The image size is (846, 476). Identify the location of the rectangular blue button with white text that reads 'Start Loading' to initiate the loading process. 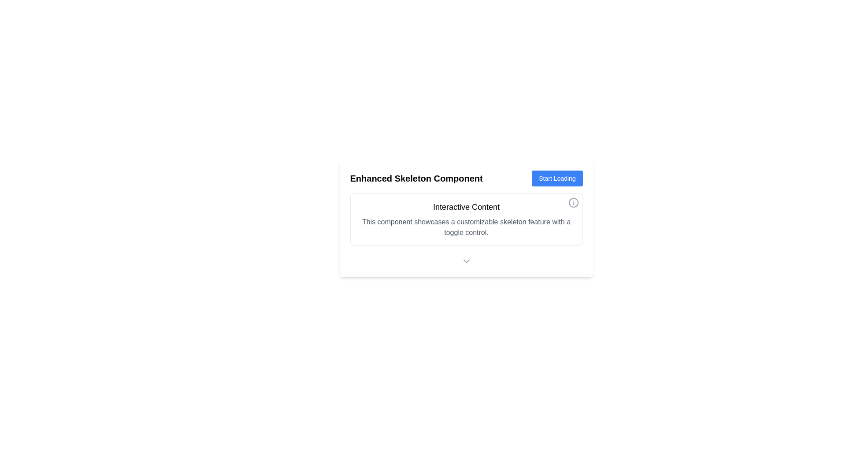
(557, 178).